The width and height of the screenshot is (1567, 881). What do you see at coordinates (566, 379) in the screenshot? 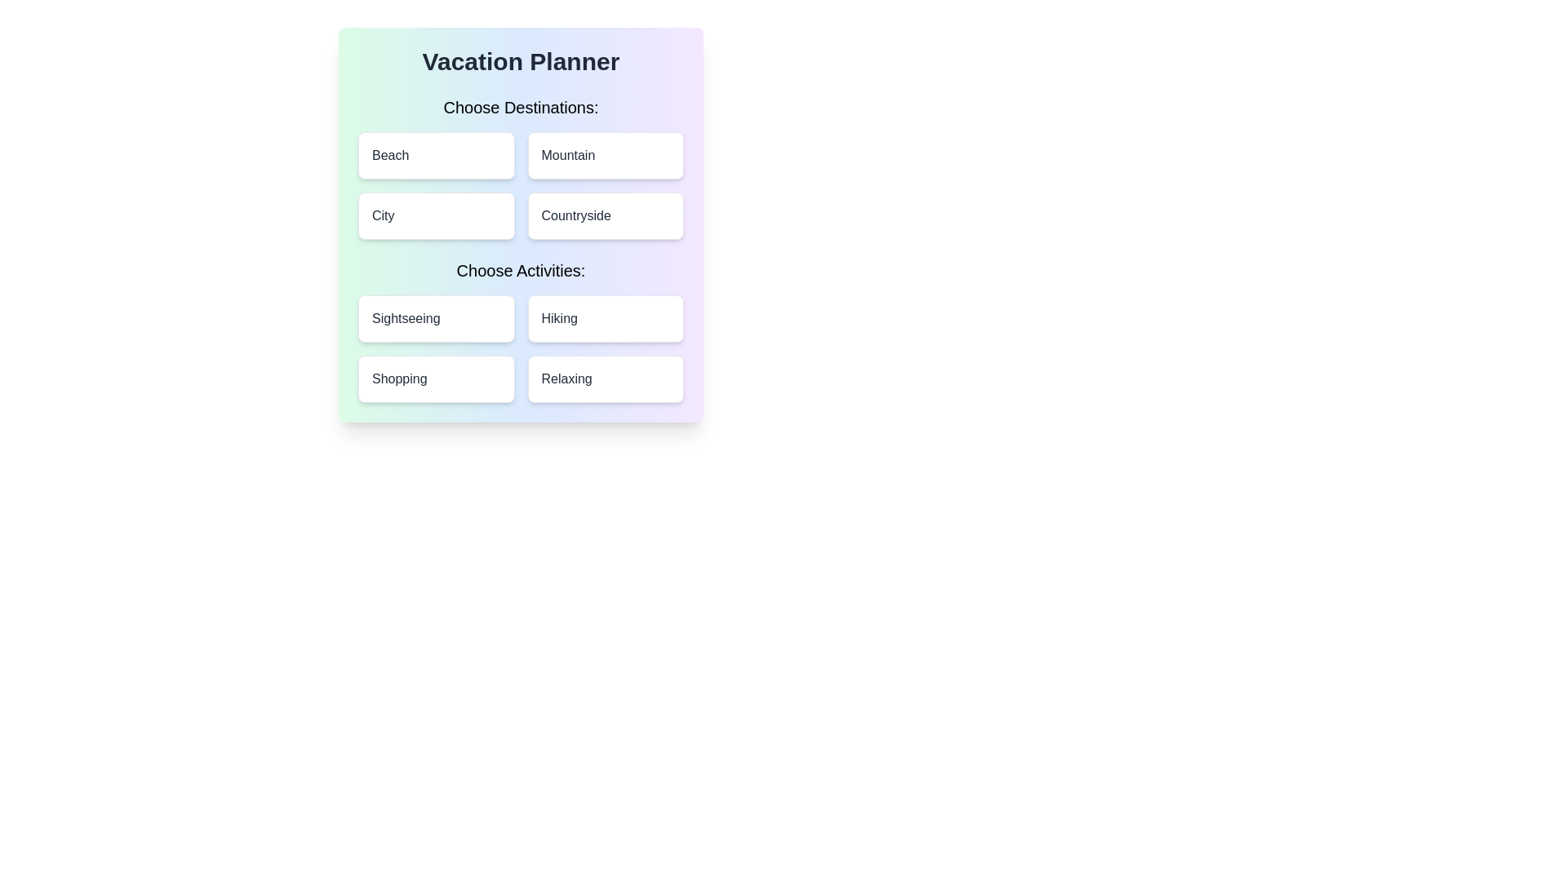
I see `'Relaxing' label located in the bottom-right card of the 'Choose Activities' section in the Vacation Planner interface to understand the option` at bounding box center [566, 379].